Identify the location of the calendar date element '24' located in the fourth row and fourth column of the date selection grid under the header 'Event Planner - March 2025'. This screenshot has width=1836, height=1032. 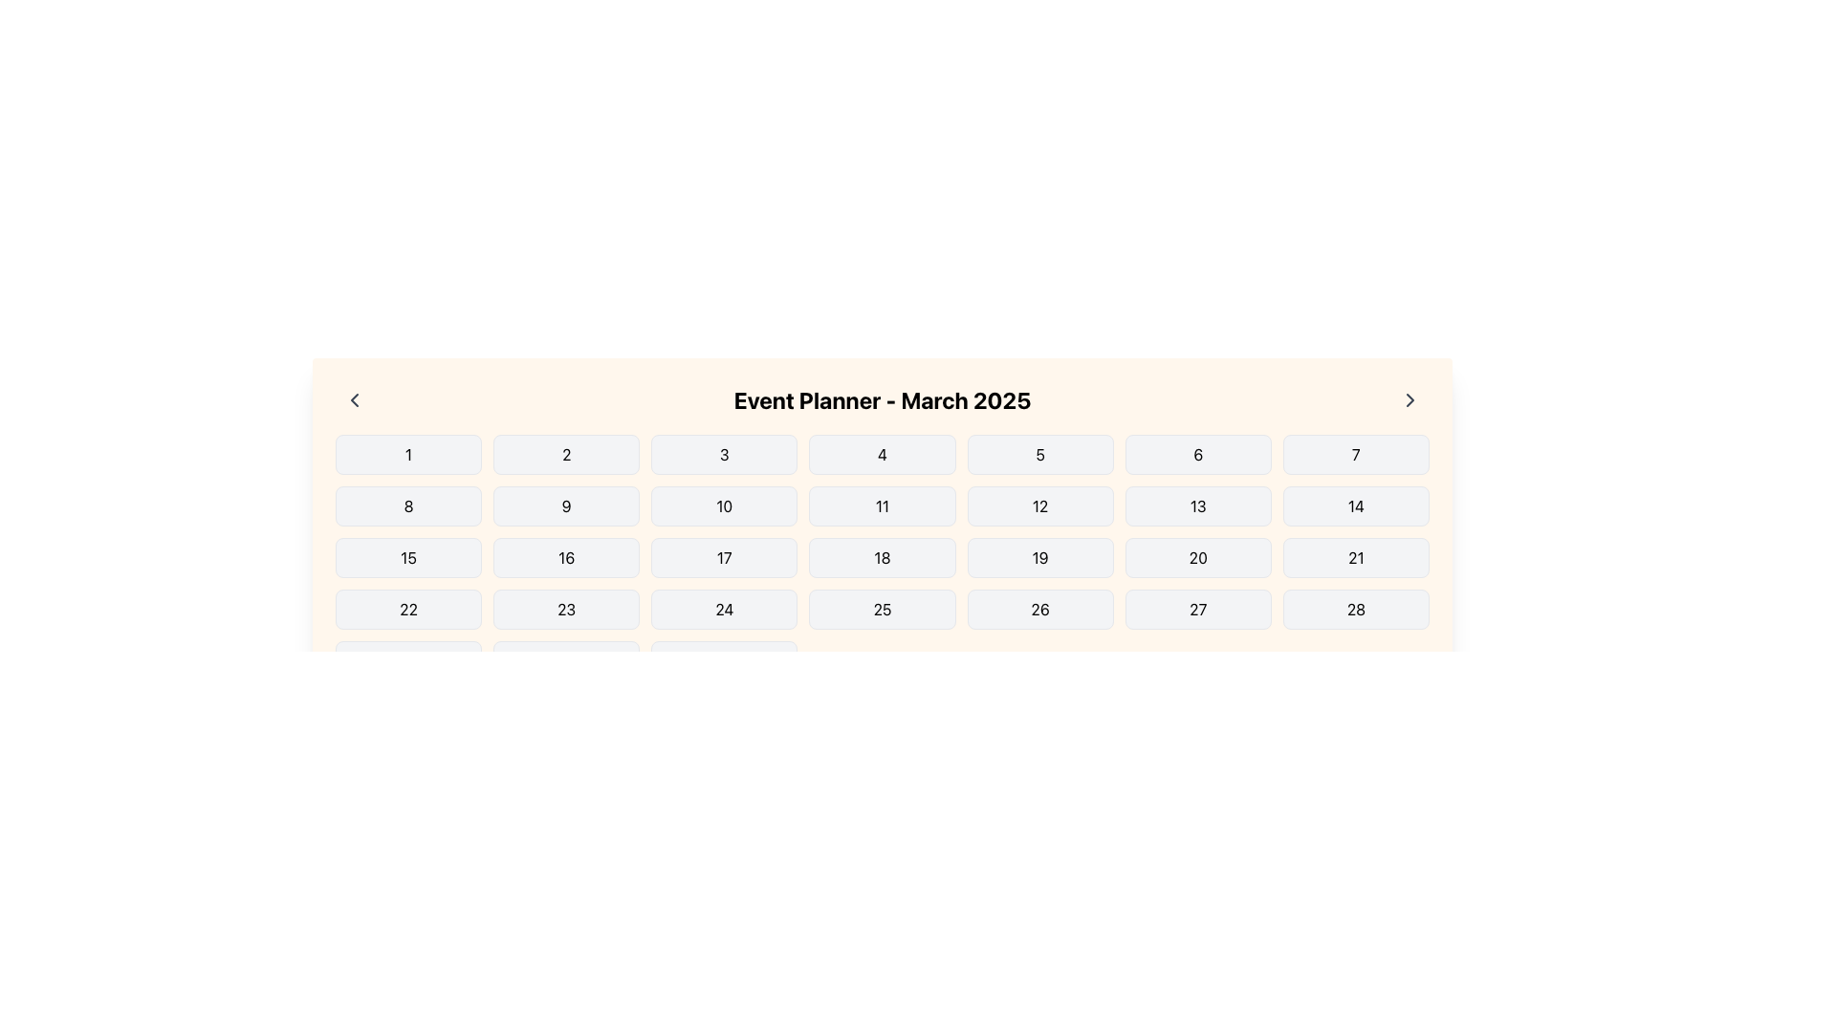
(723, 609).